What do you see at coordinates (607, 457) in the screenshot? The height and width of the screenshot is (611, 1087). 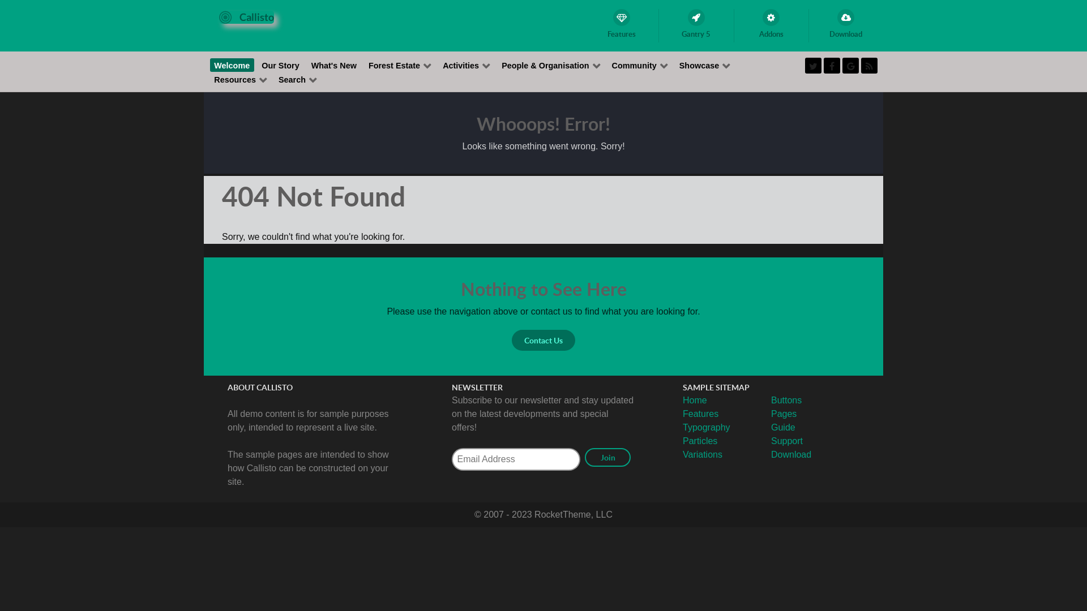 I see `'Join'` at bounding box center [607, 457].